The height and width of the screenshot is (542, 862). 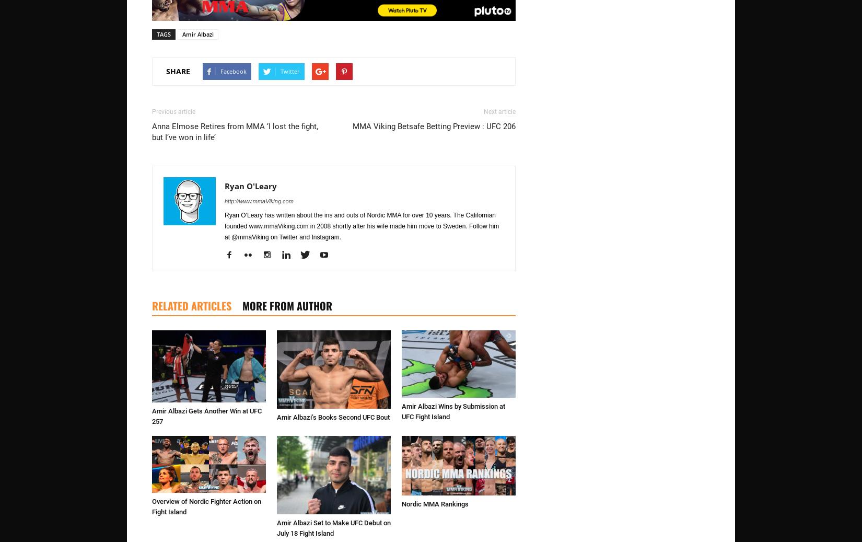 I want to click on 'Previous article', so click(x=152, y=110).